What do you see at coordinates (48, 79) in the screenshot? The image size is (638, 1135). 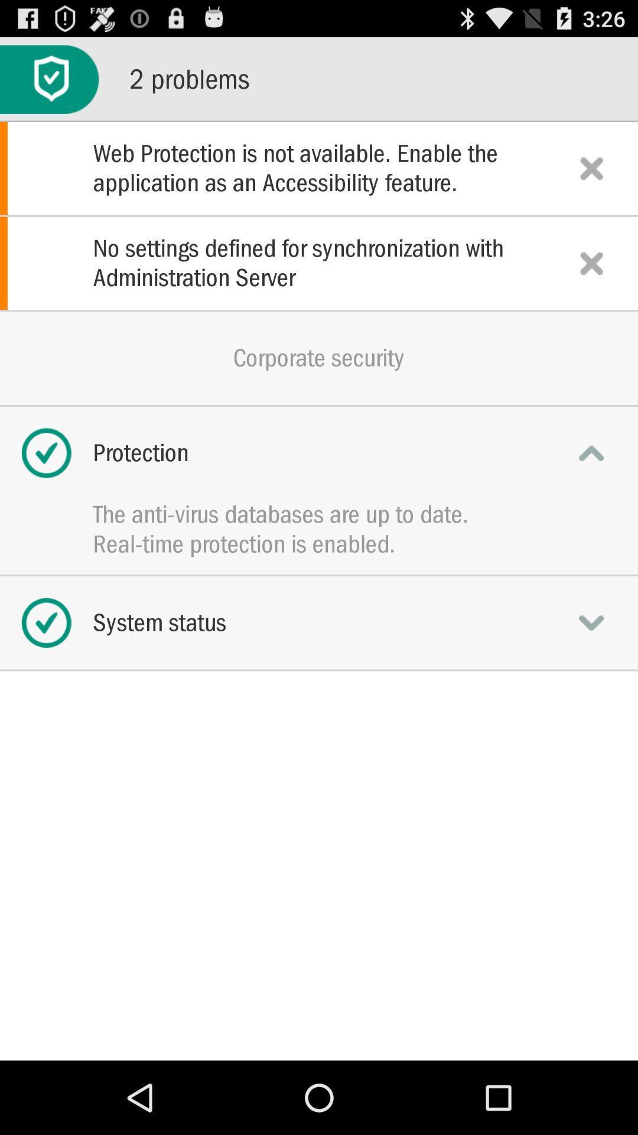 I see `the icon above the web protection is icon` at bounding box center [48, 79].